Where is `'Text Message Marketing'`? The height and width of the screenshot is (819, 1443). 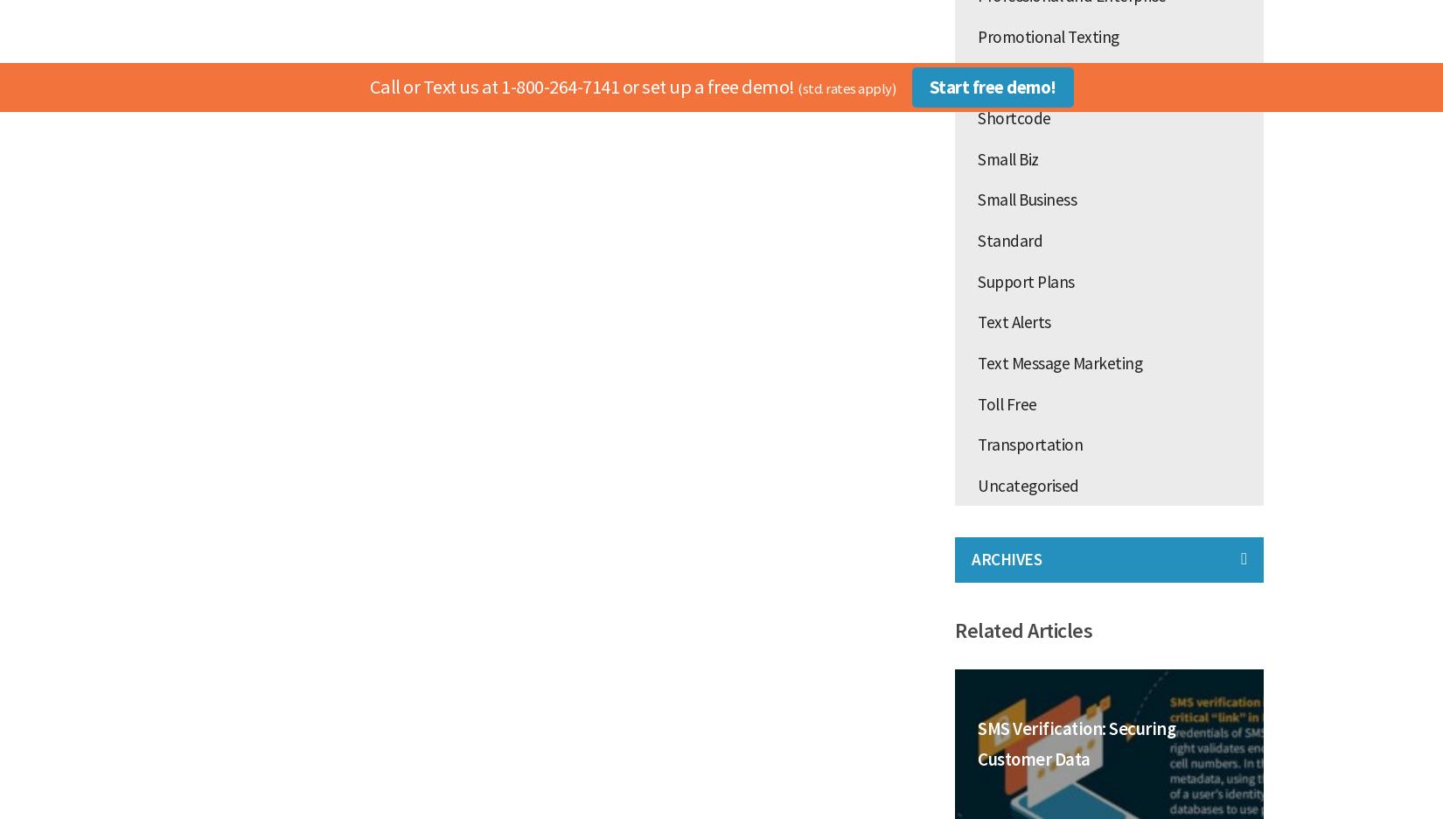
'Text Message Marketing' is located at coordinates (1059, 360).